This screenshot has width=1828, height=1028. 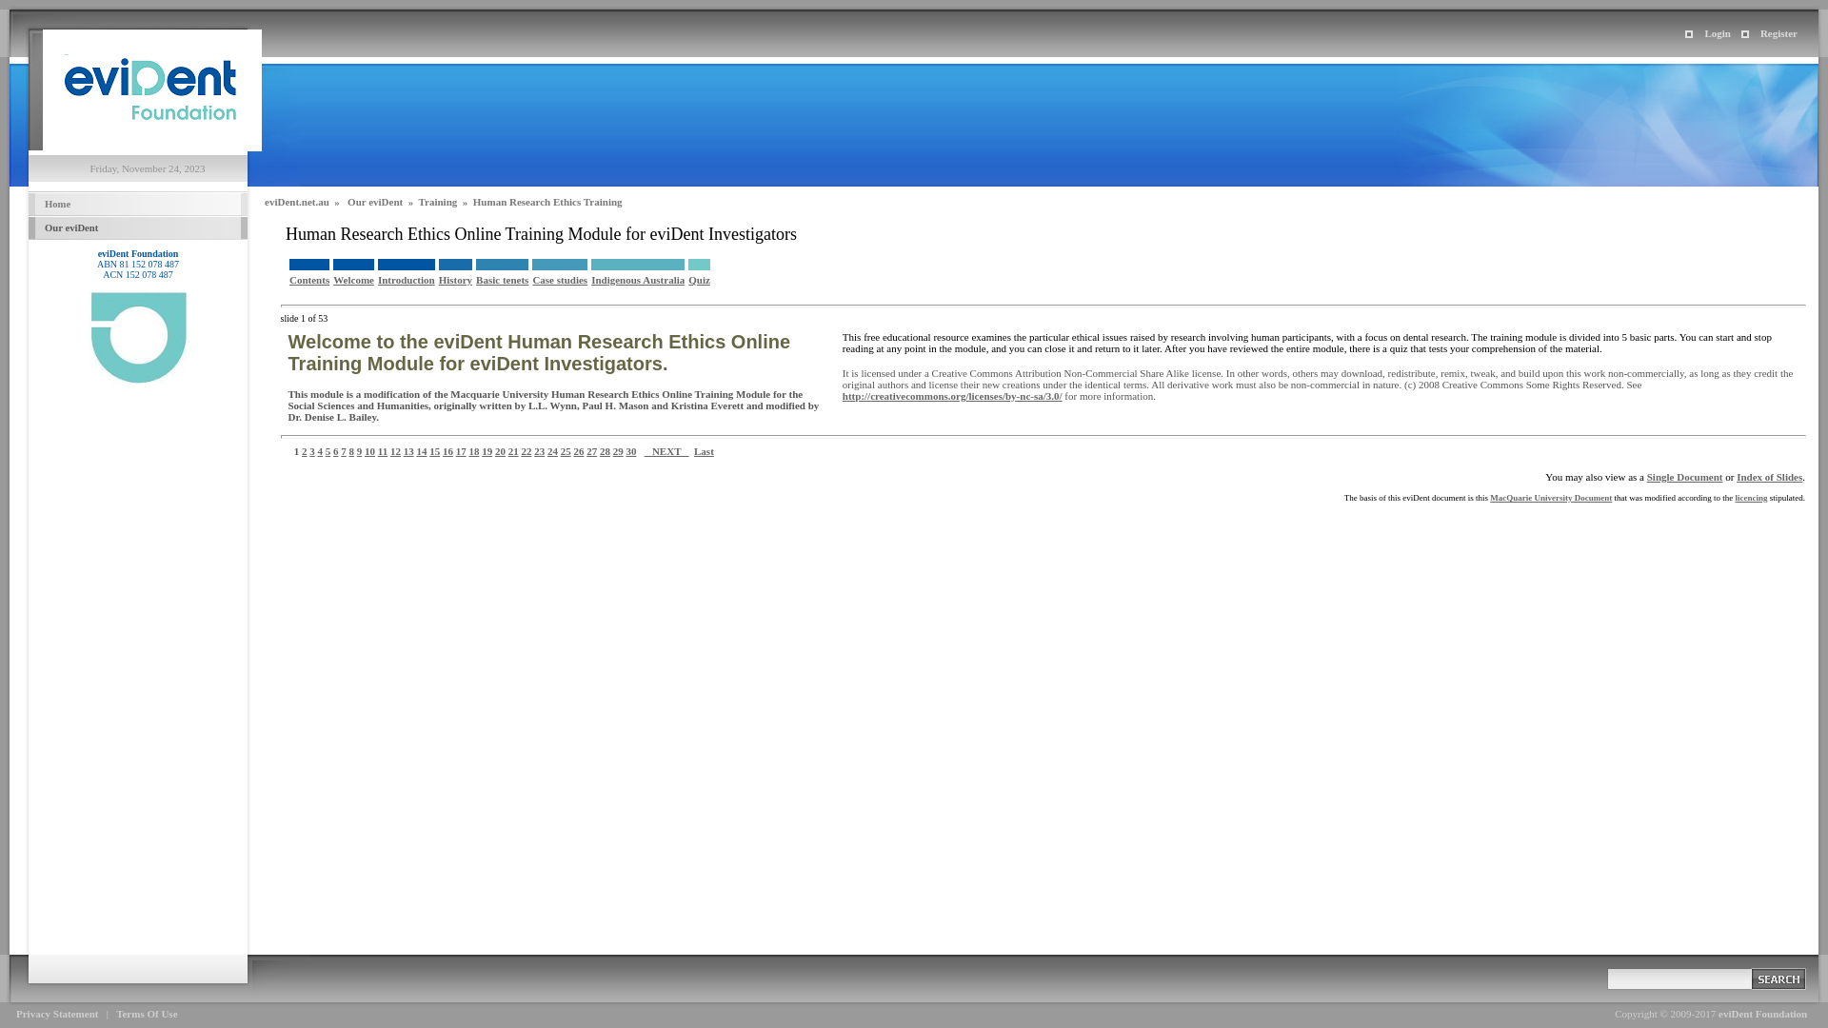 What do you see at coordinates (698, 279) in the screenshot?
I see `'Quiz'` at bounding box center [698, 279].